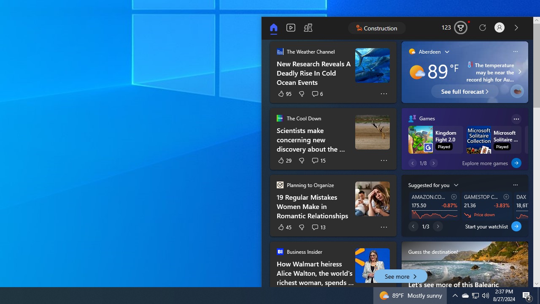  Describe the element at coordinates (317, 94) in the screenshot. I see `'See 6 comments'` at that location.